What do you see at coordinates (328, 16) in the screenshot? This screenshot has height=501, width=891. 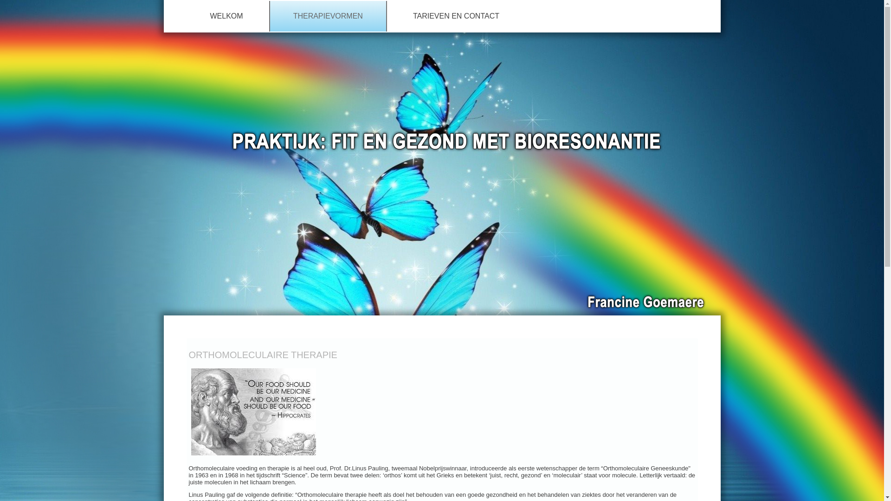 I see `'THERAPIEVORMEN'` at bounding box center [328, 16].